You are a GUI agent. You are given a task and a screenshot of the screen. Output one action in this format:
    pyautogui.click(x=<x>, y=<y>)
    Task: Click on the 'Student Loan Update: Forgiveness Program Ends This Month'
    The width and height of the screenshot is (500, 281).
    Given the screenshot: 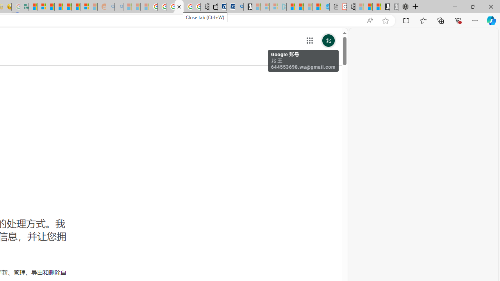 What is the action you would take?
    pyautogui.click(x=58, y=7)
    